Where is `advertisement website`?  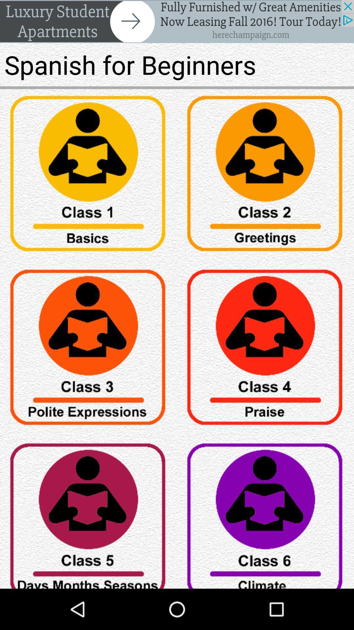 advertisement website is located at coordinates (177, 21).